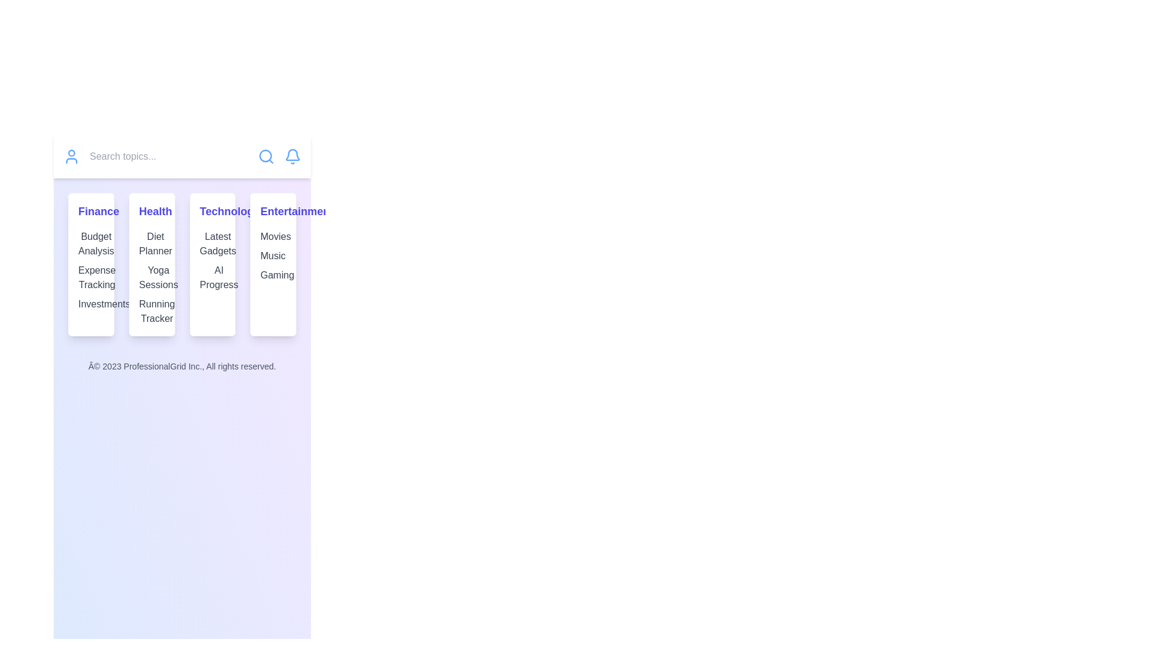 Image resolution: width=1157 pixels, height=651 pixels. I want to click on the centered text block displaying the footer text '© 2023 ProfessionalGrid Inc., All rights reserved.', so click(181, 366).